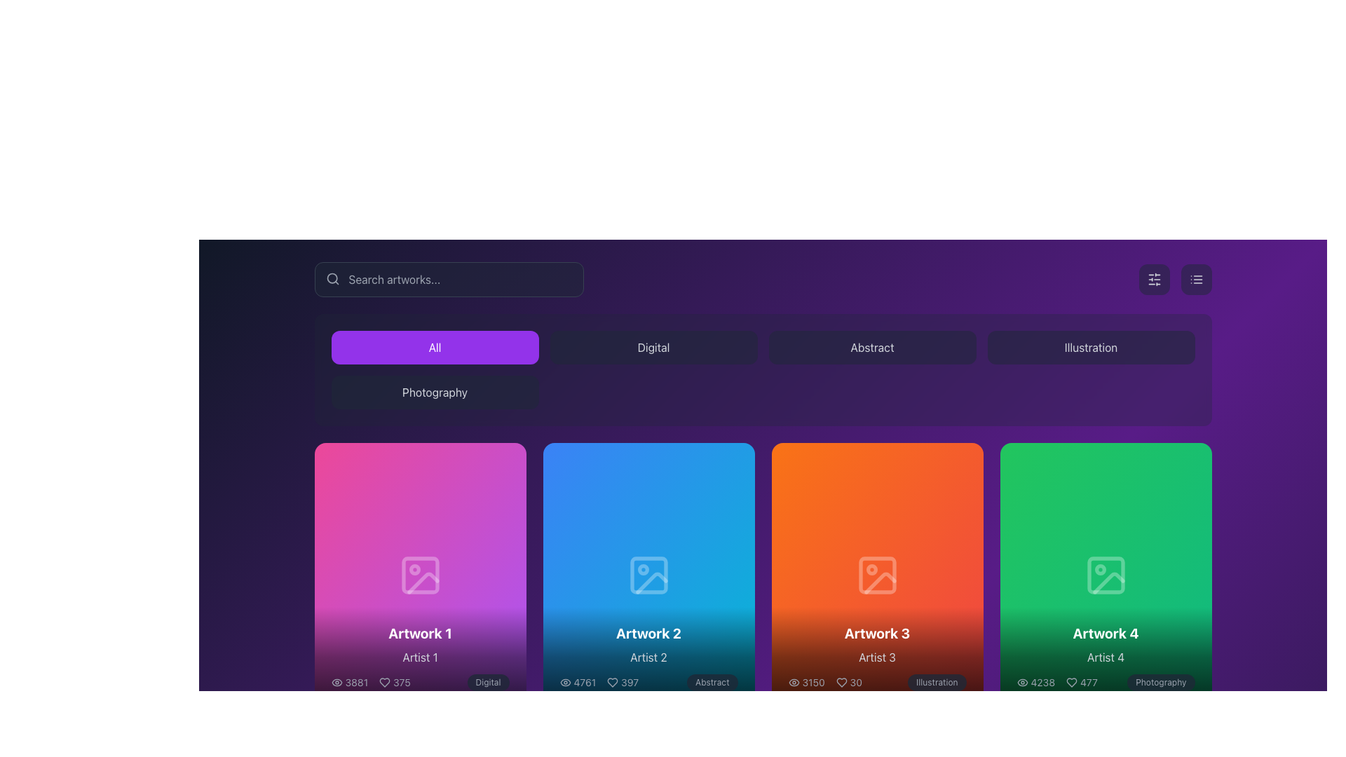 The image size is (1346, 757). What do you see at coordinates (419, 633) in the screenshot?
I see `the text label 'Artwork 1', which is styled in bold white font and located at the bottom of the first card with a gradient pink and purple background` at bounding box center [419, 633].